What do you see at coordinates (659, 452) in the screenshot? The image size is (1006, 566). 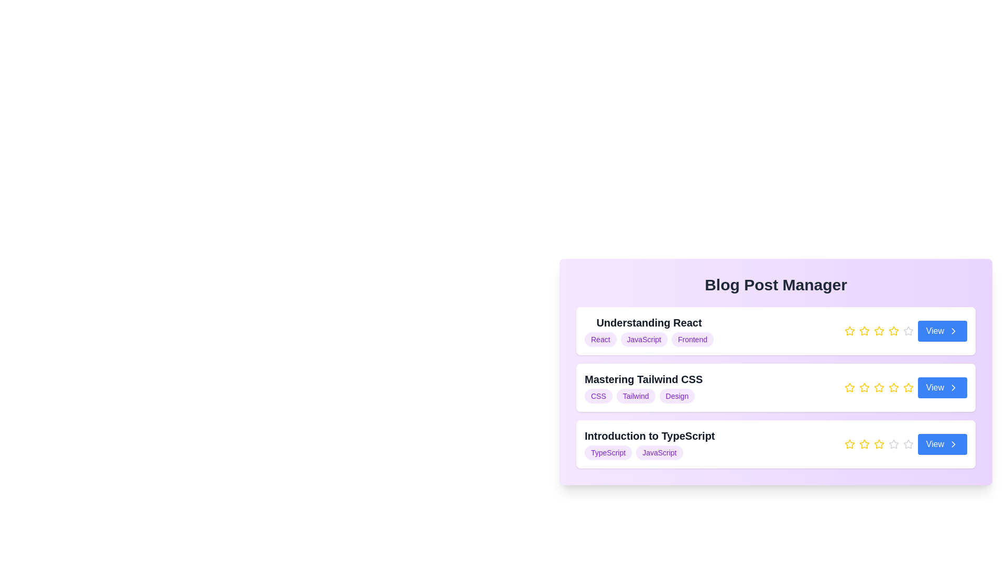 I see `the label or tag component indicating the category or technology associated with the blog post, located at the bottom right of the list item titled 'Introduction to TypeScript.'` at bounding box center [659, 452].